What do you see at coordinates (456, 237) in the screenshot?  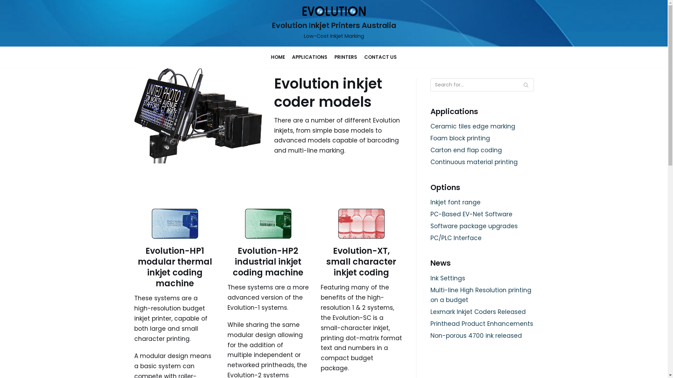 I see `'PC/PLC Interface'` at bounding box center [456, 237].